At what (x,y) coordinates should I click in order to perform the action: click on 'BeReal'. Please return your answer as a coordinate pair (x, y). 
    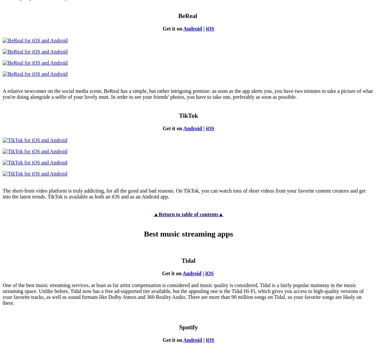
    Looking at the image, I should click on (188, 16).